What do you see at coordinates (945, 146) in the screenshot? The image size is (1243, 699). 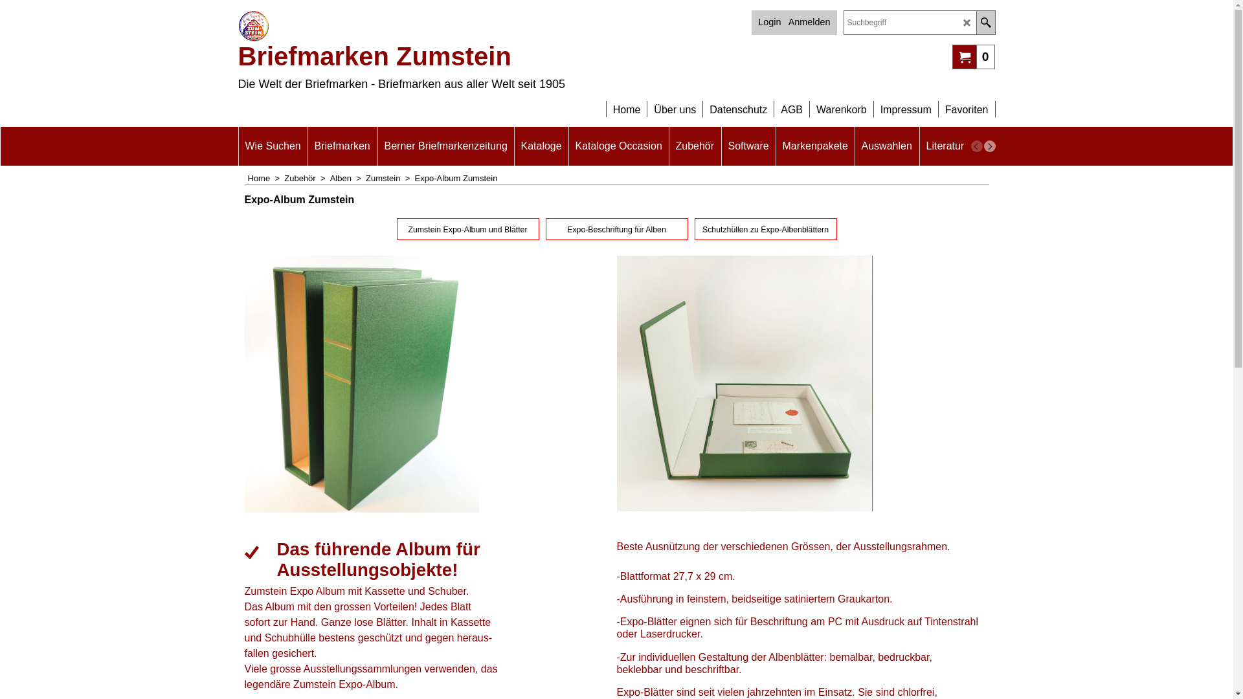 I see `'Literatur'` at bounding box center [945, 146].